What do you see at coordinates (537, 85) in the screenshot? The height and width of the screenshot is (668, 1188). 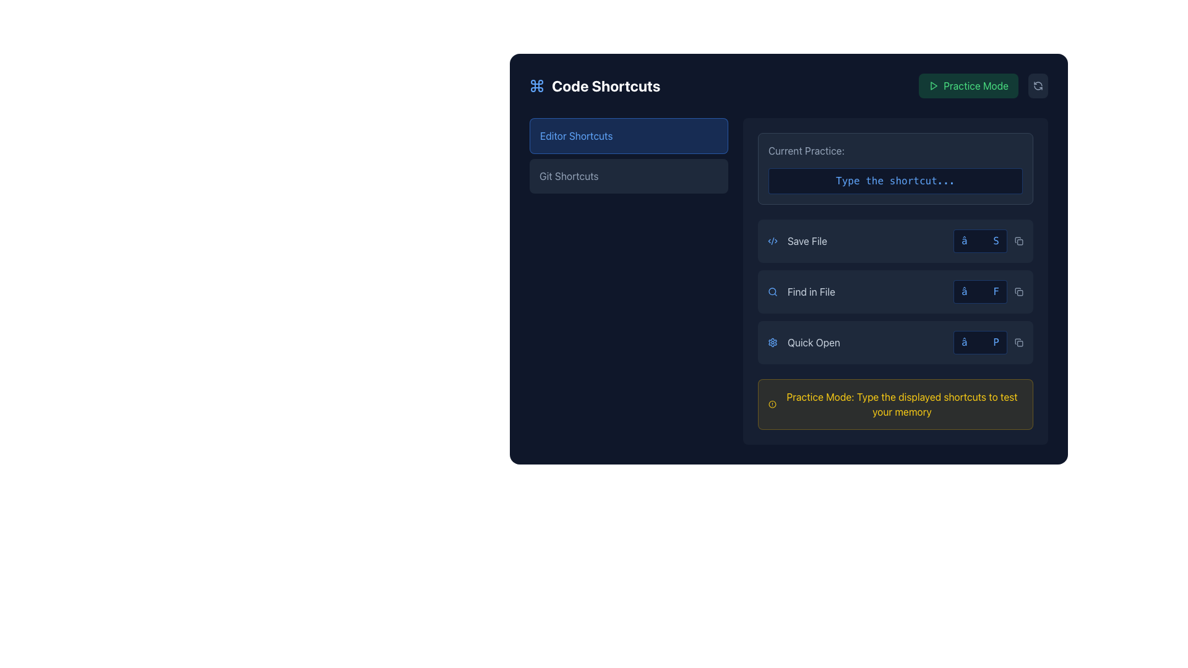 I see `the light blue grid icon located near the upper-left corner of the interface, adjacent to the 'Code Shortcuts' title` at bounding box center [537, 85].